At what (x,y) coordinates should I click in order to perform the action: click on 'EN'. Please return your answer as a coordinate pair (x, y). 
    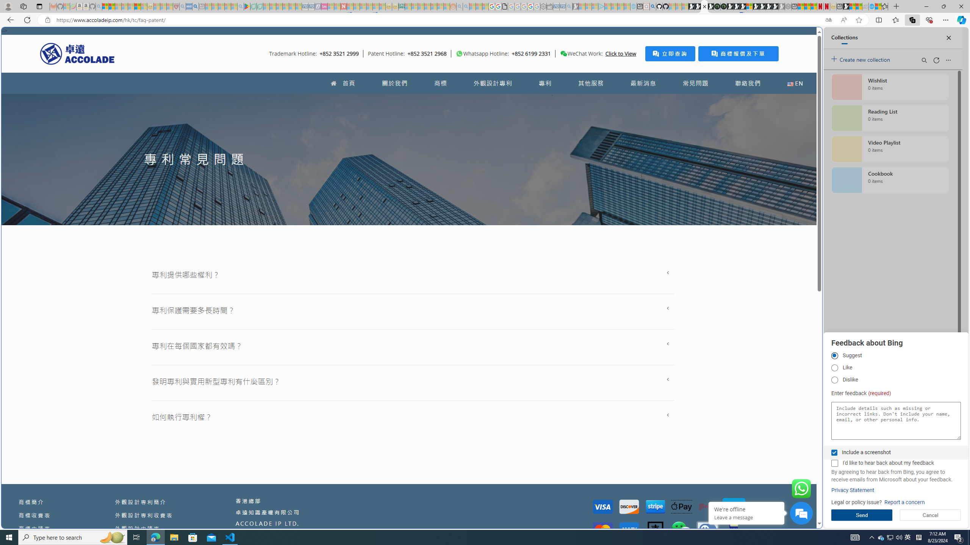
    Looking at the image, I should click on (795, 83).